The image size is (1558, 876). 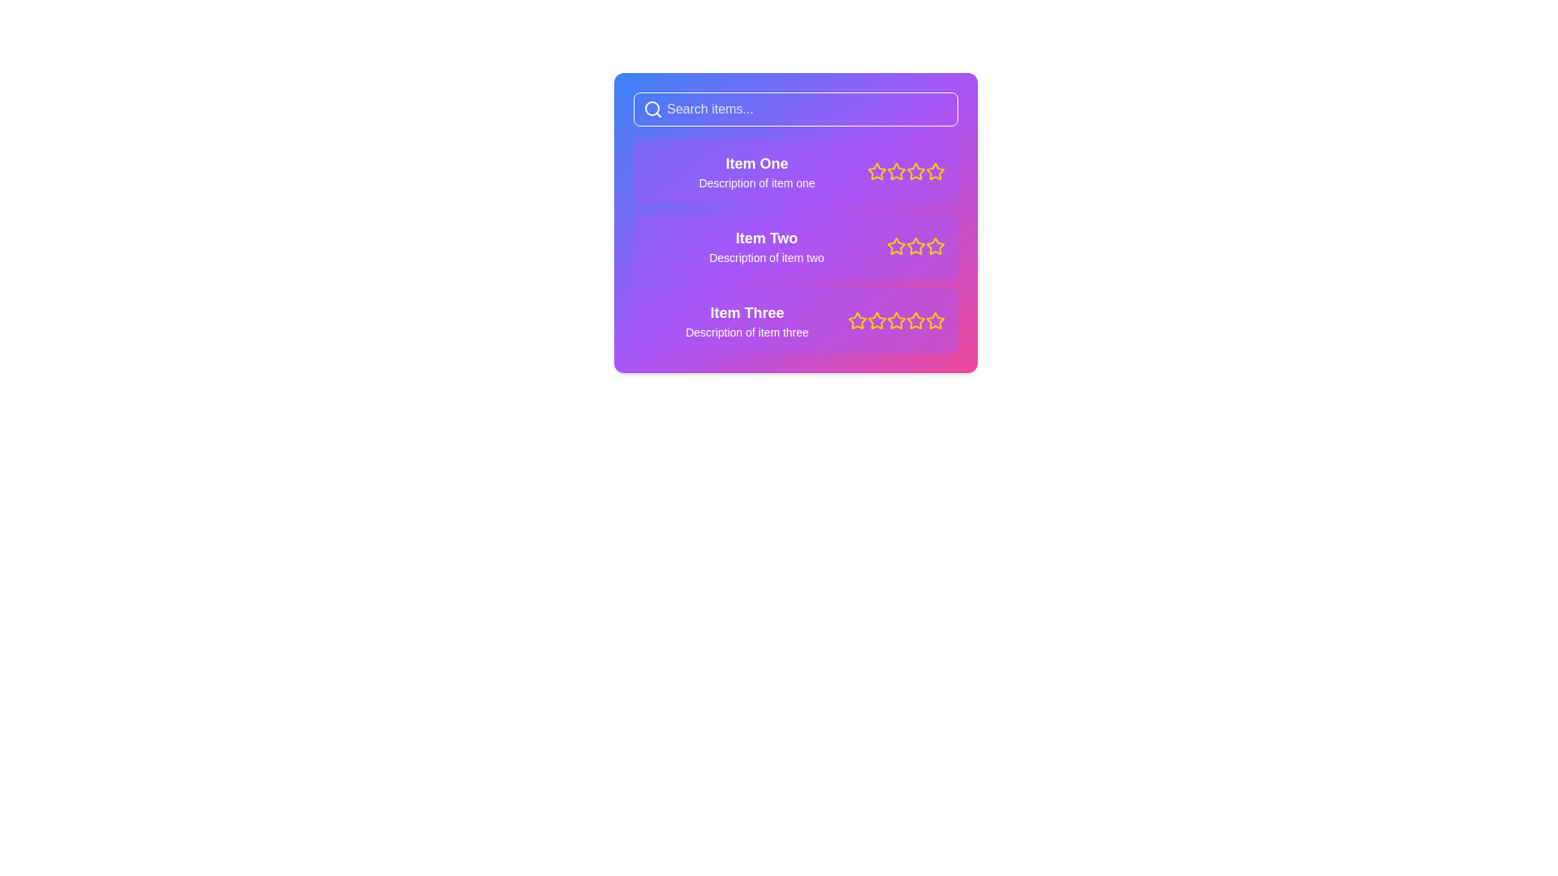 What do you see at coordinates (915, 246) in the screenshot?
I see `the third filled star (yellow star with purple background) in the rating section for 'Item Two'` at bounding box center [915, 246].